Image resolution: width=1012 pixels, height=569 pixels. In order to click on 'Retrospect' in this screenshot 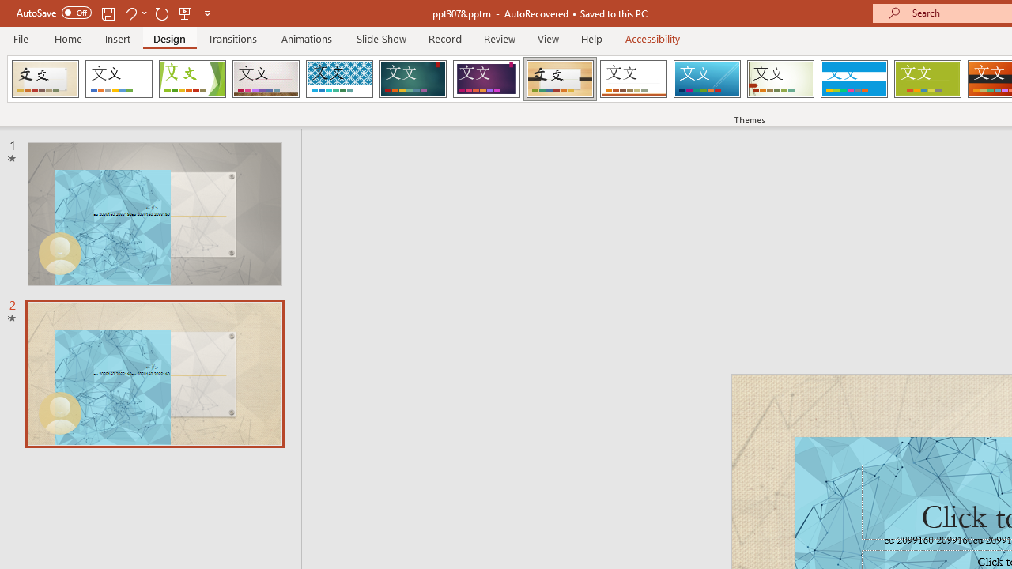, I will do `click(633, 79)`.